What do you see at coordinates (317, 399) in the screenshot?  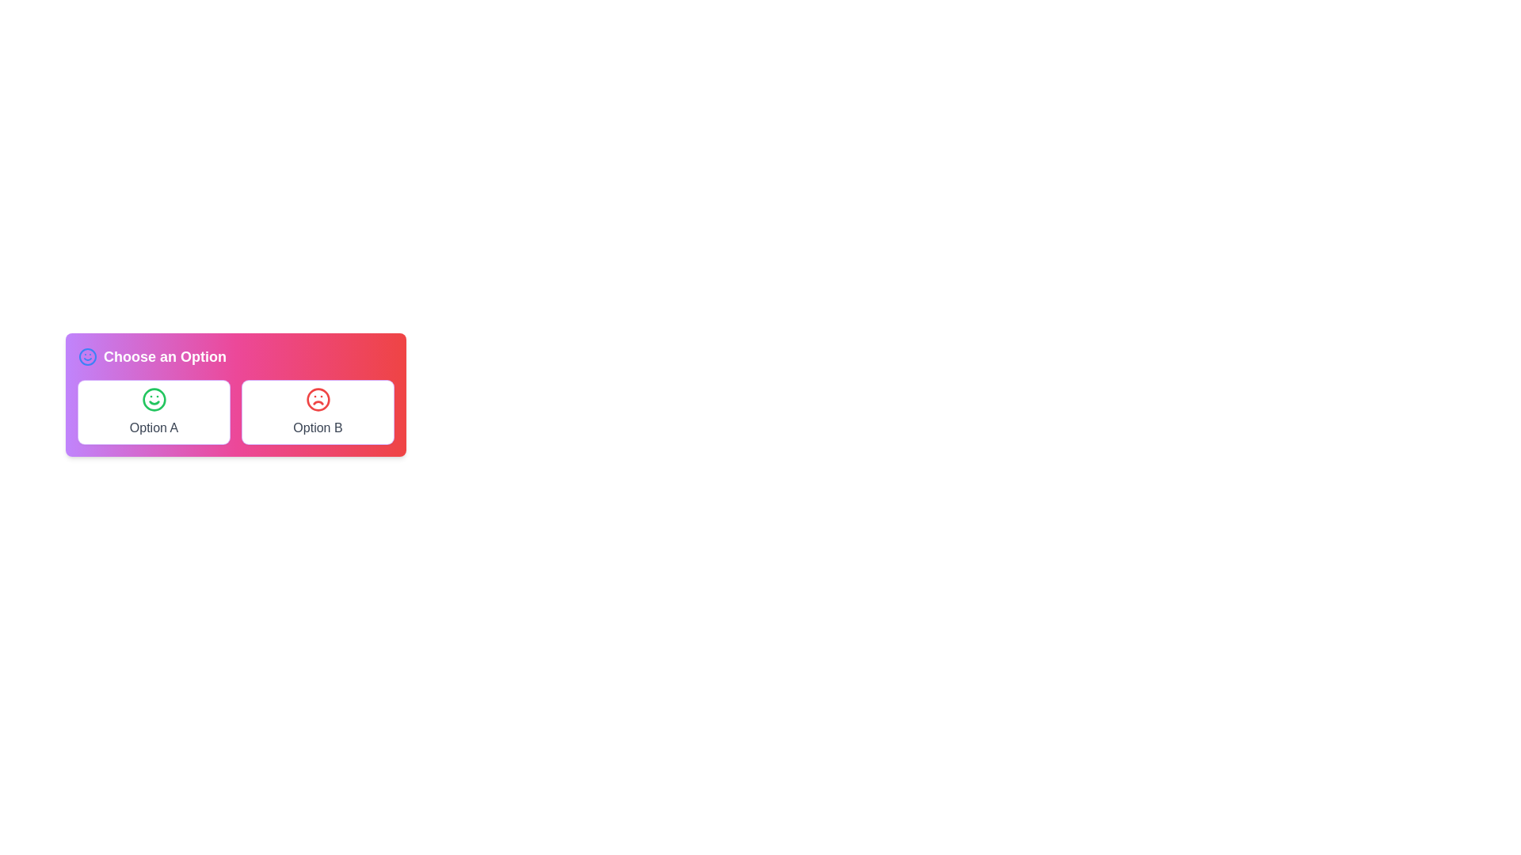 I see `the visual representation of the SVG Circle that forms the central component of the frown face icon for Option B in the selection panel` at bounding box center [317, 399].